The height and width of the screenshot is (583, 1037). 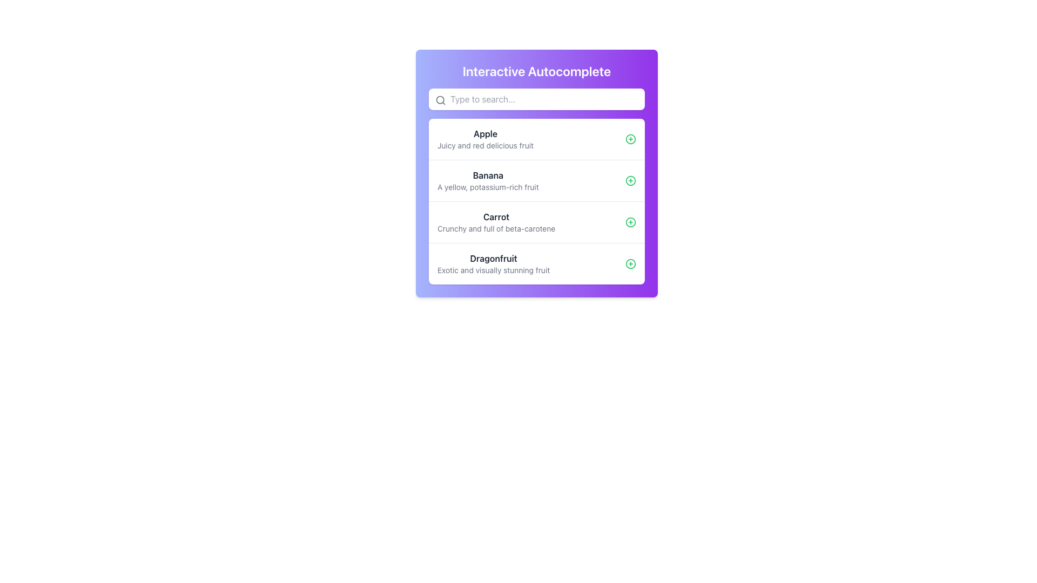 I want to click on the description text 'Juicy and red delicious fruit' located beneath the title 'Apple' in the first entry of the autocomplete list, so click(x=484, y=146).